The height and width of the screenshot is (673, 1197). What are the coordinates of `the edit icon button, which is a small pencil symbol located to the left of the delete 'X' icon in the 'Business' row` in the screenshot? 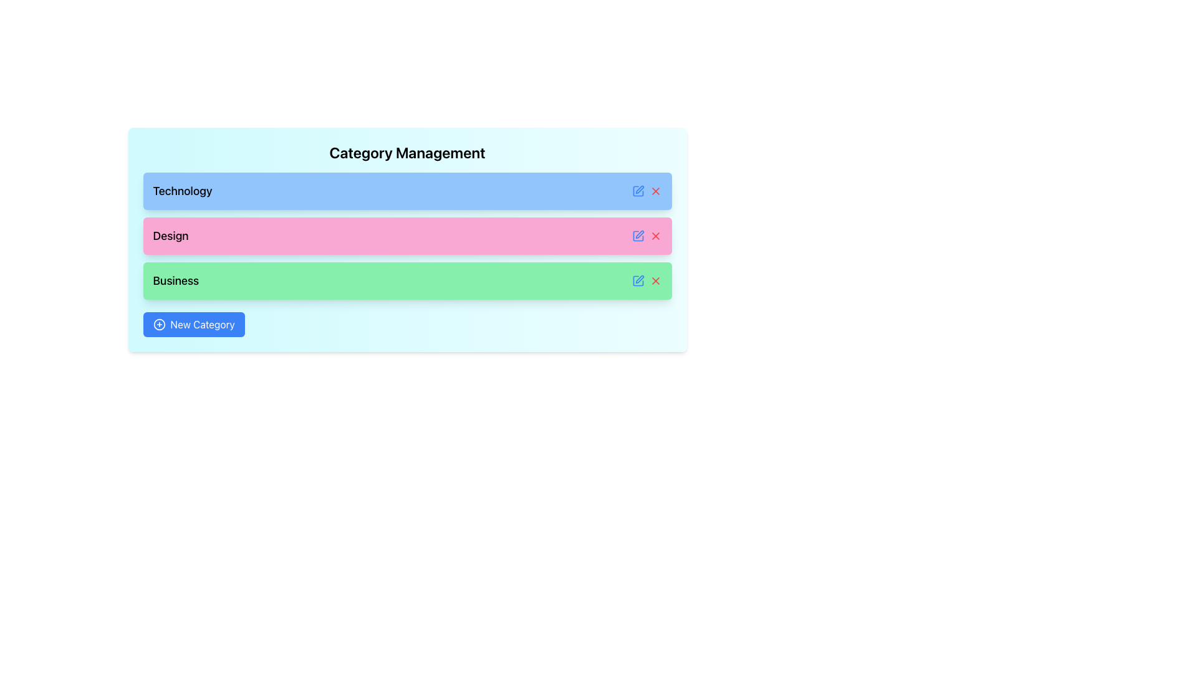 It's located at (639, 278).